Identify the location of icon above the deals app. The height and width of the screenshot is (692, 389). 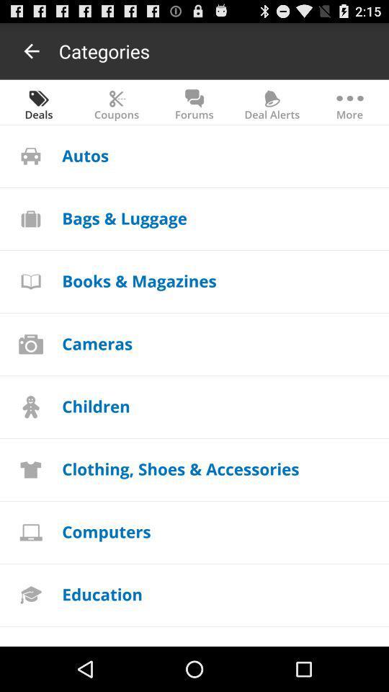
(32, 50).